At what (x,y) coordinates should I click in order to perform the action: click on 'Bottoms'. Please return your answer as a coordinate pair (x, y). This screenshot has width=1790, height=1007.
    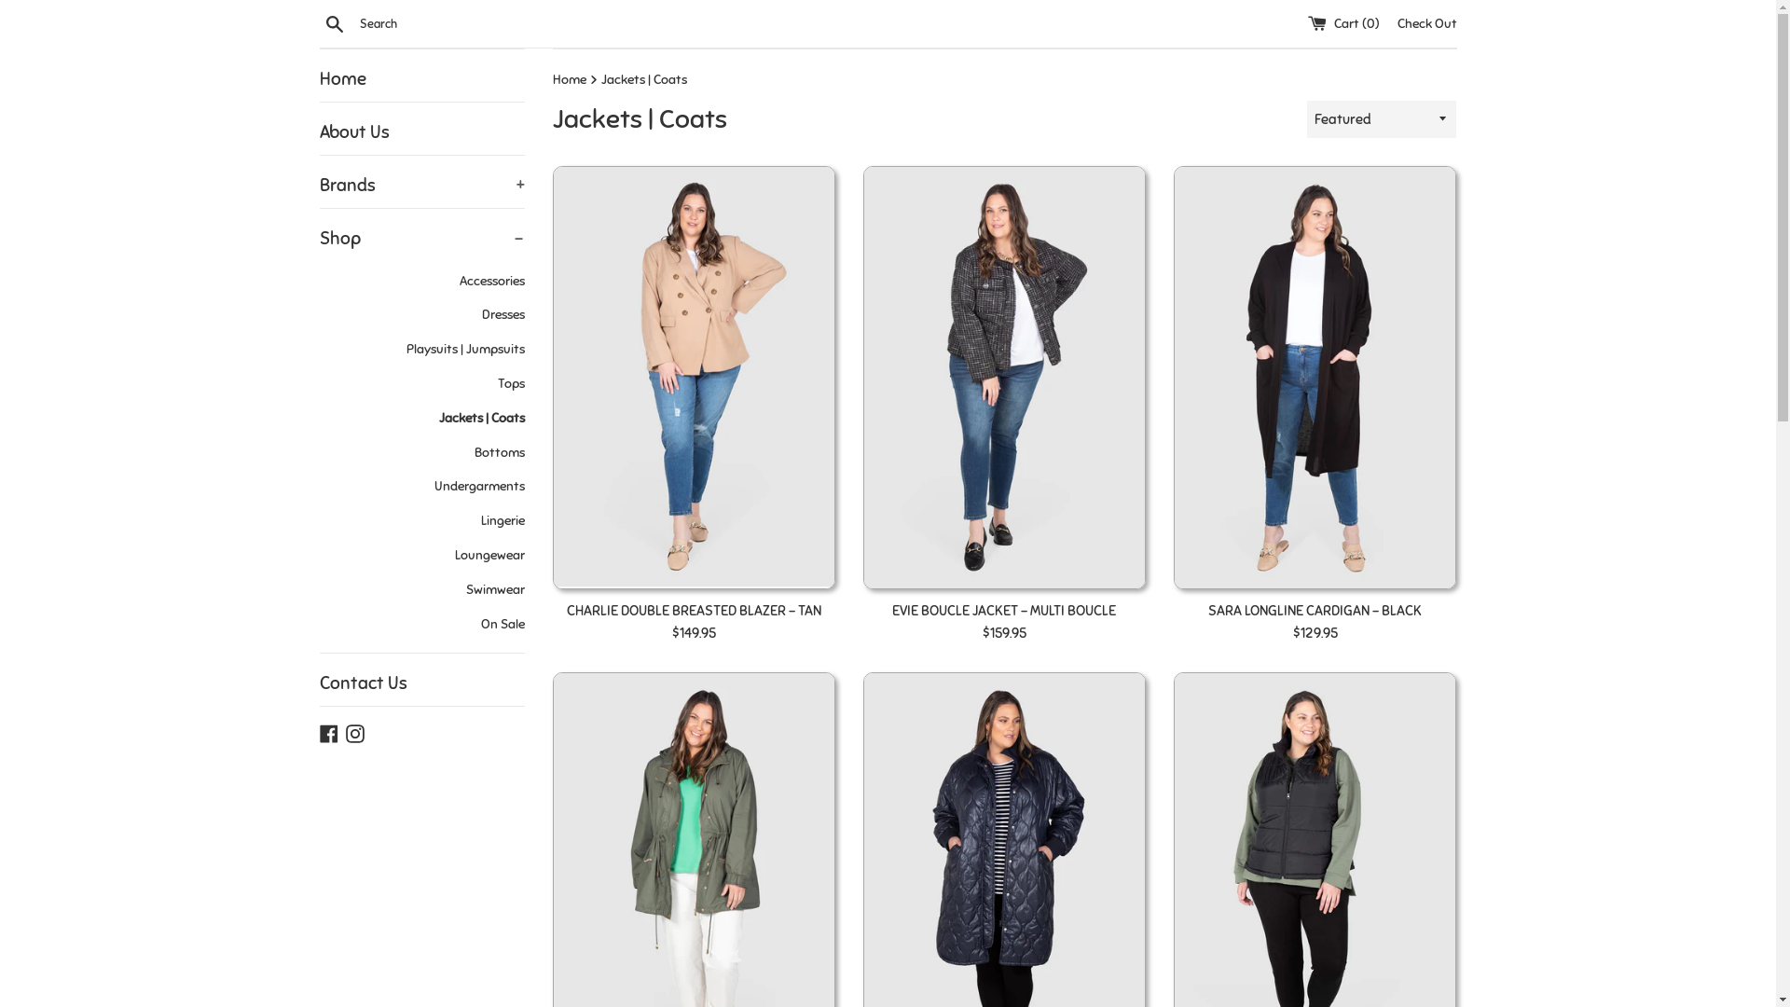
    Looking at the image, I should click on (420, 453).